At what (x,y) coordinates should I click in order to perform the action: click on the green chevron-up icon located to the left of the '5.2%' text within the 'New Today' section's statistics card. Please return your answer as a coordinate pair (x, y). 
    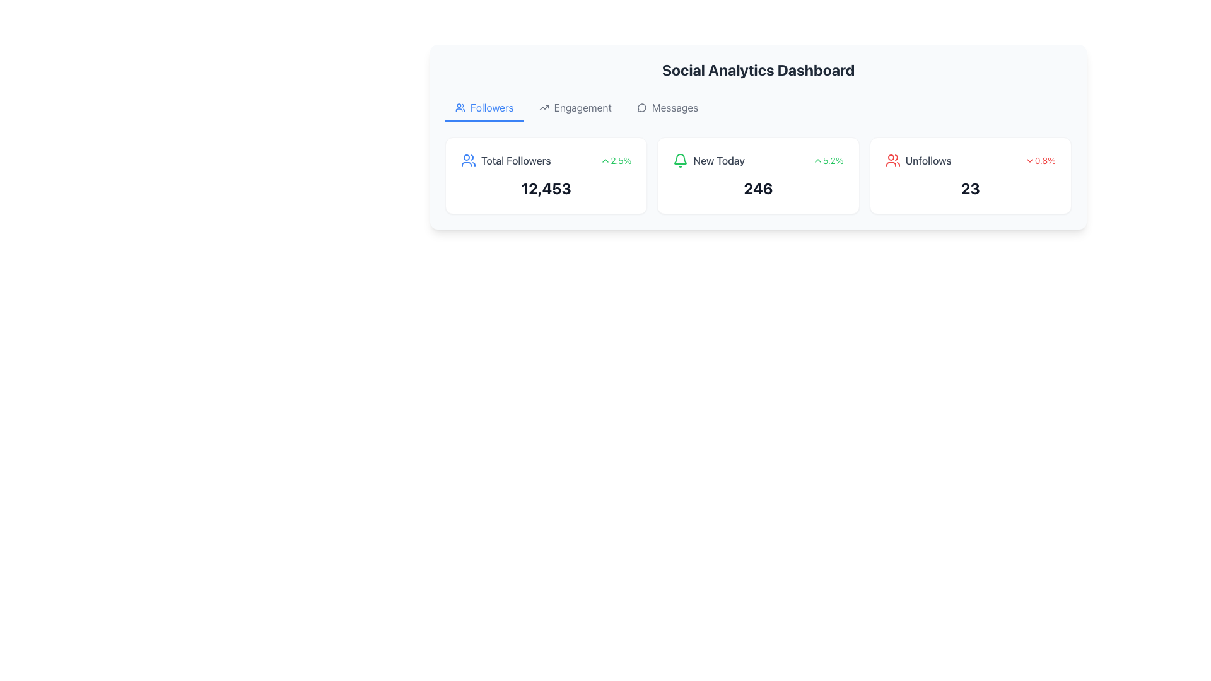
    Looking at the image, I should click on (817, 160).